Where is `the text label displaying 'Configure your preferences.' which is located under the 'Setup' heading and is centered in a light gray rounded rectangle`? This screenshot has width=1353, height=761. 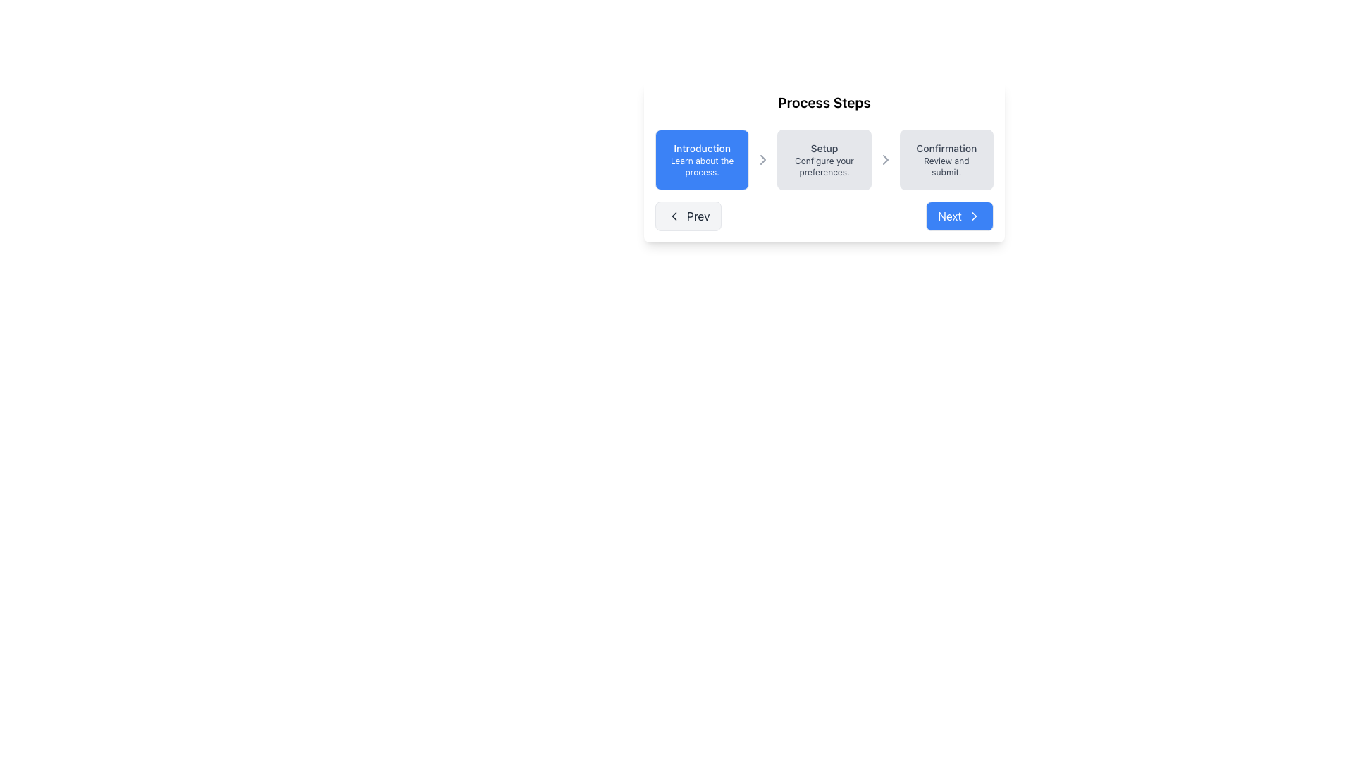
the text label displaying 'Configure your preferences.' which is located under the 'Setup' heading and is centered in a light gray rounded rectangle is located at coordinates (824, 166).